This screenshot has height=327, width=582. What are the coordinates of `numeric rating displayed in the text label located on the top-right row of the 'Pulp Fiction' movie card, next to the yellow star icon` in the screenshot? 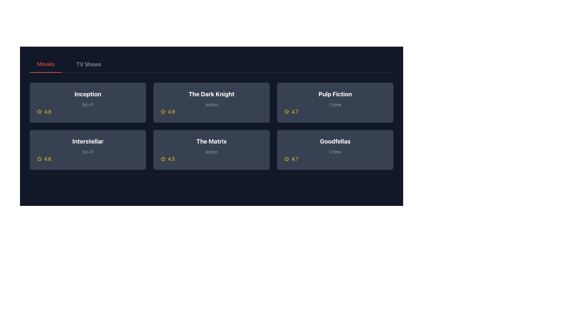 It's located at (295, 112).